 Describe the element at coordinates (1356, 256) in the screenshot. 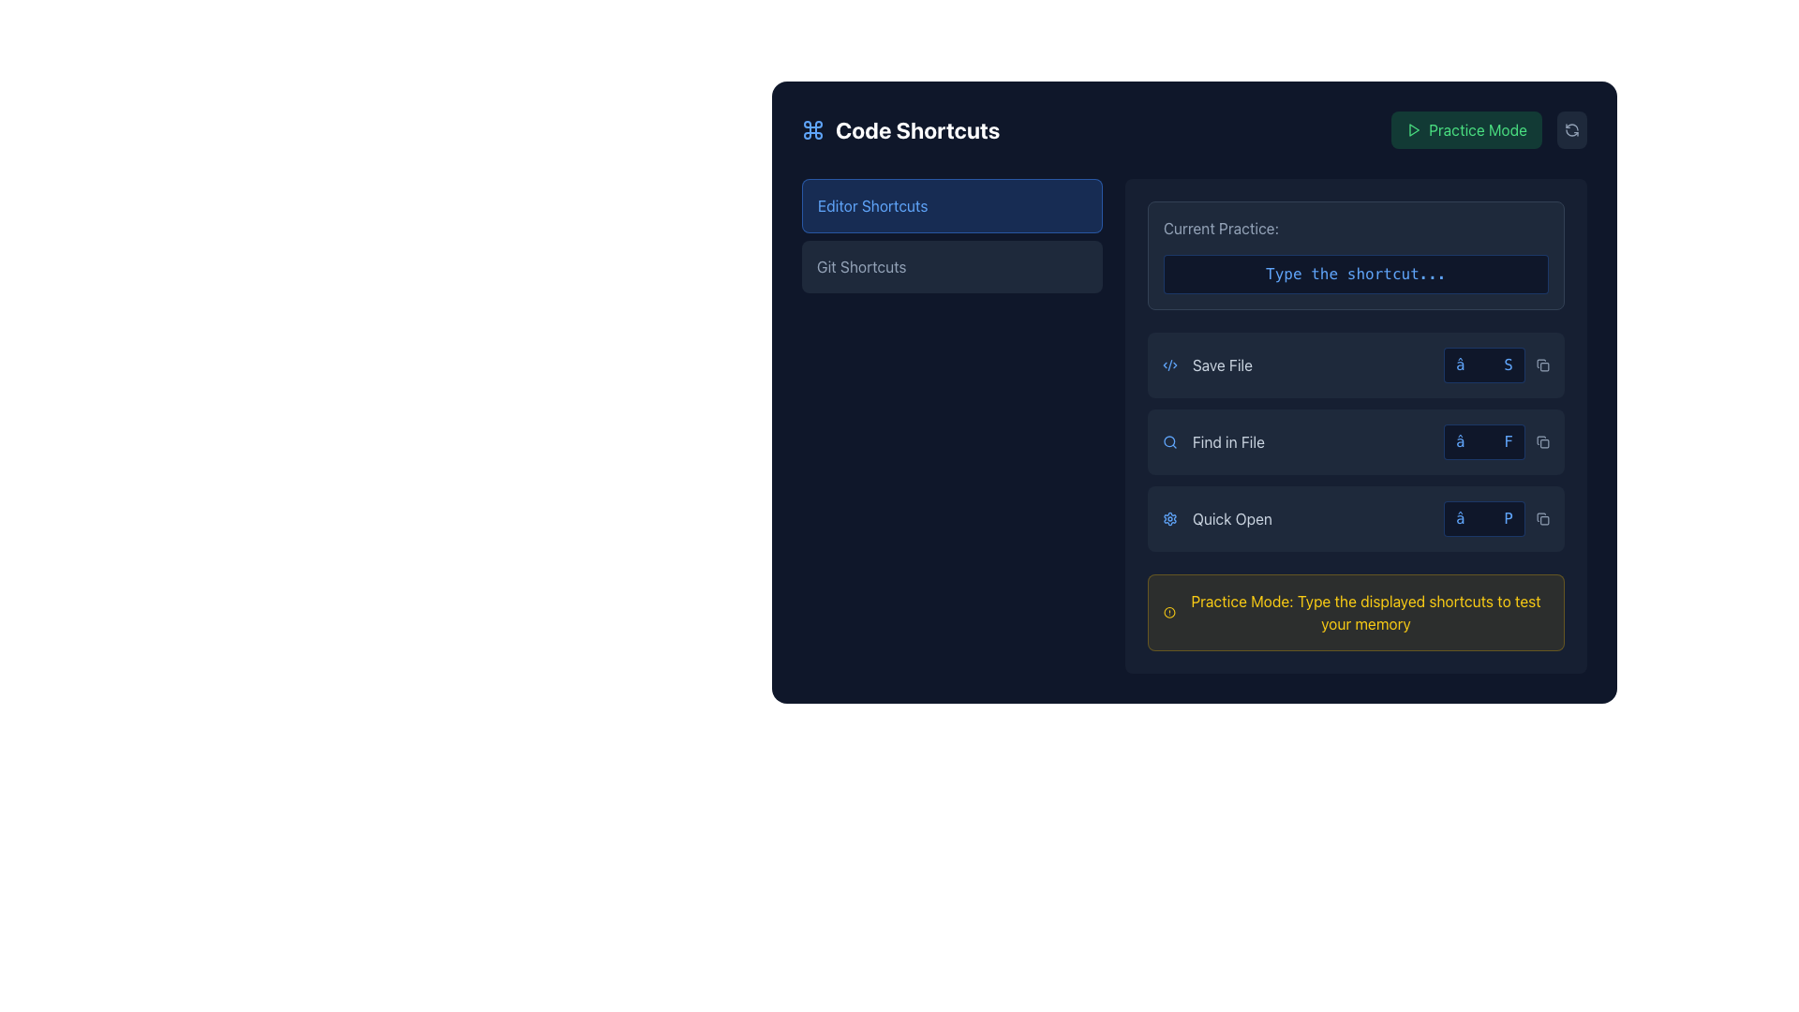

I see `the static input-like display field or placeholder that shows 'Type the shortcut...' with a dark background and rounded corners, located beneath the 'Current Practice:' label` at that location.